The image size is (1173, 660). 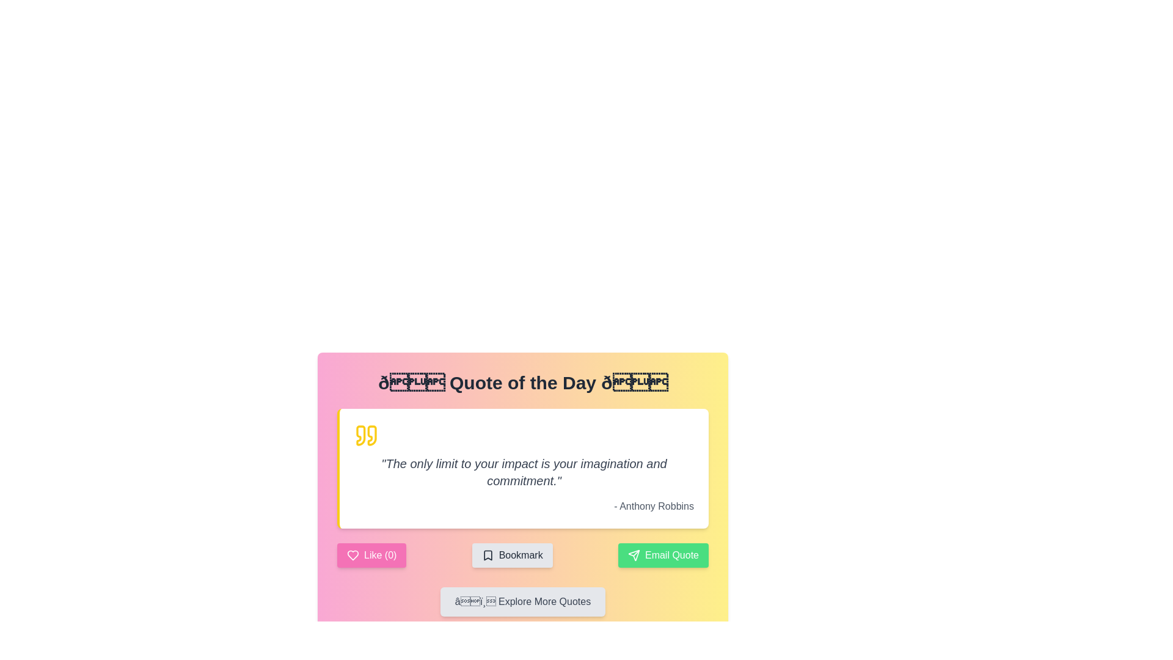 I want to click on the save/bookmark button located centrally in the interface, so click(x=512, y=555).